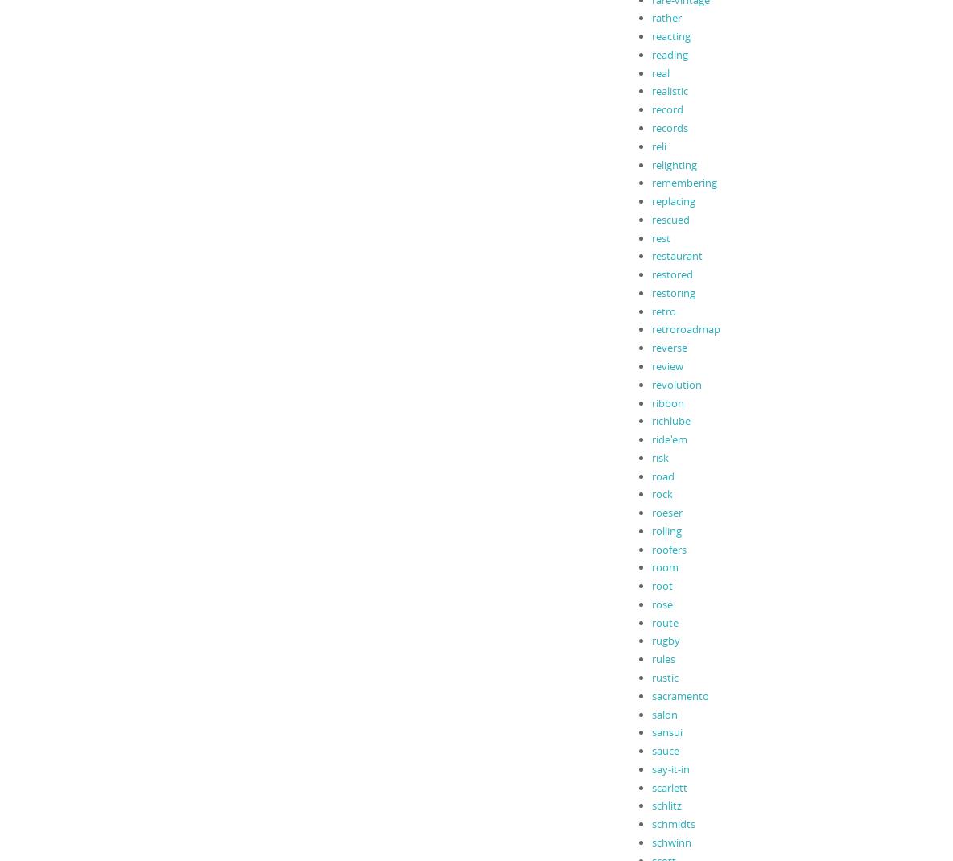 This screenshot has height=861, width=953. Describe the element at coordinates (664, 750) in the screenshot. I see `'sauce'` at that location.